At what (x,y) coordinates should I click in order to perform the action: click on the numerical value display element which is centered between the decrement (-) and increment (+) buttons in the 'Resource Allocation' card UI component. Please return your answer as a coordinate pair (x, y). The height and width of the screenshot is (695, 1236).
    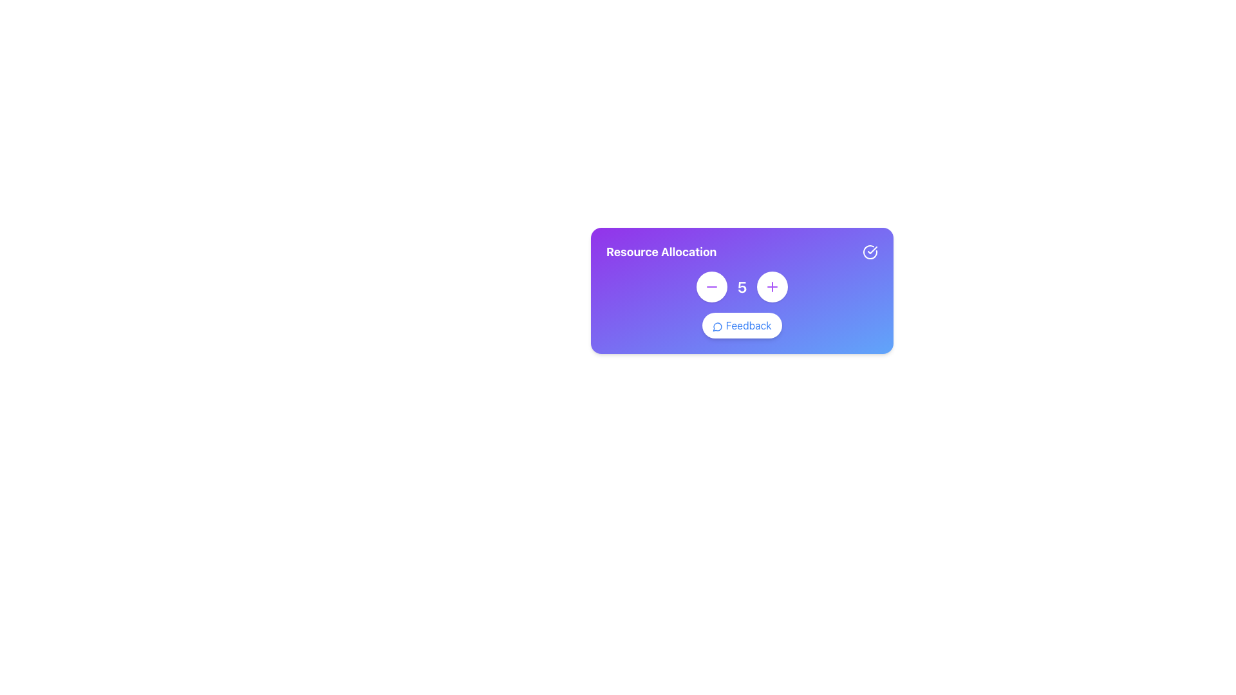
    Looking at the image, I should click on (742, 286).